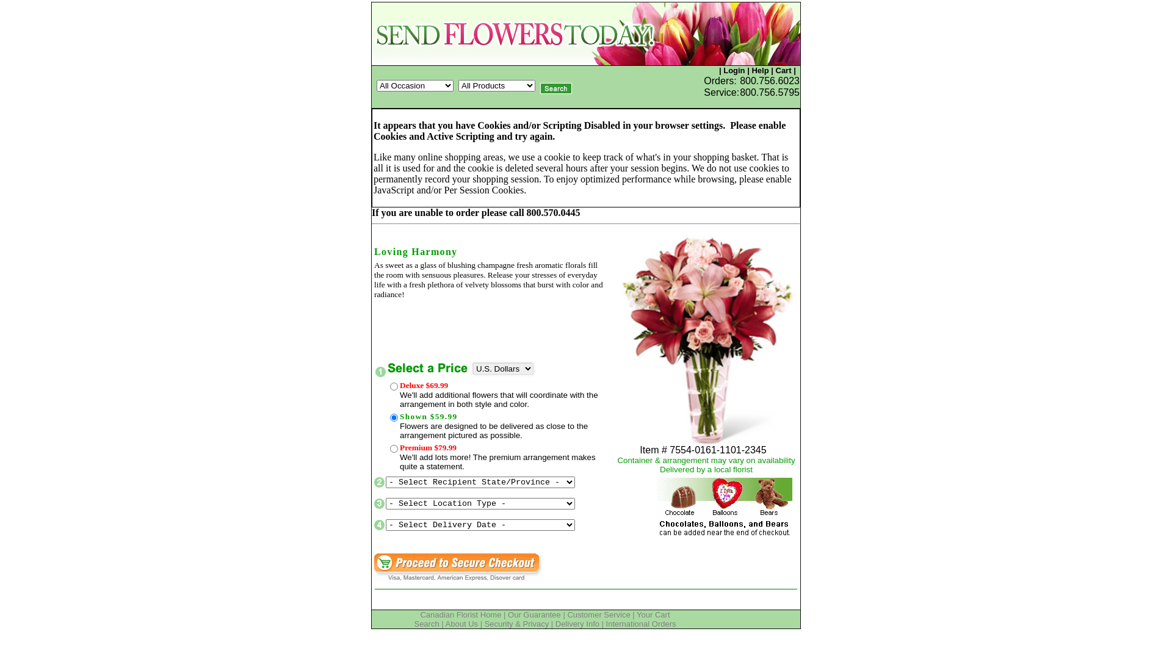 This screenshot has width=1172, height=659. I want to click on 'Delivery Info', so click(576, 624).